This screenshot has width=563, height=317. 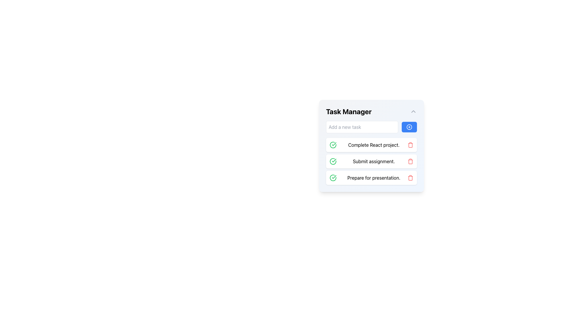 I want to click on the tasks listed in the task management interface, specifically within the section containing three bullet-style items with check and trash icons, so click(x=371, y=152).